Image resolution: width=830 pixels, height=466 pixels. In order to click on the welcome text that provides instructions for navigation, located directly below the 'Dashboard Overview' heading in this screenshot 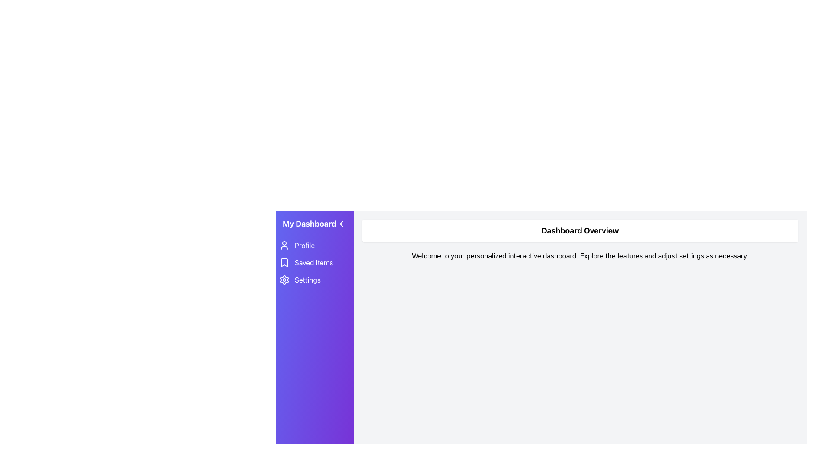, I will do `click(580, 255)`.